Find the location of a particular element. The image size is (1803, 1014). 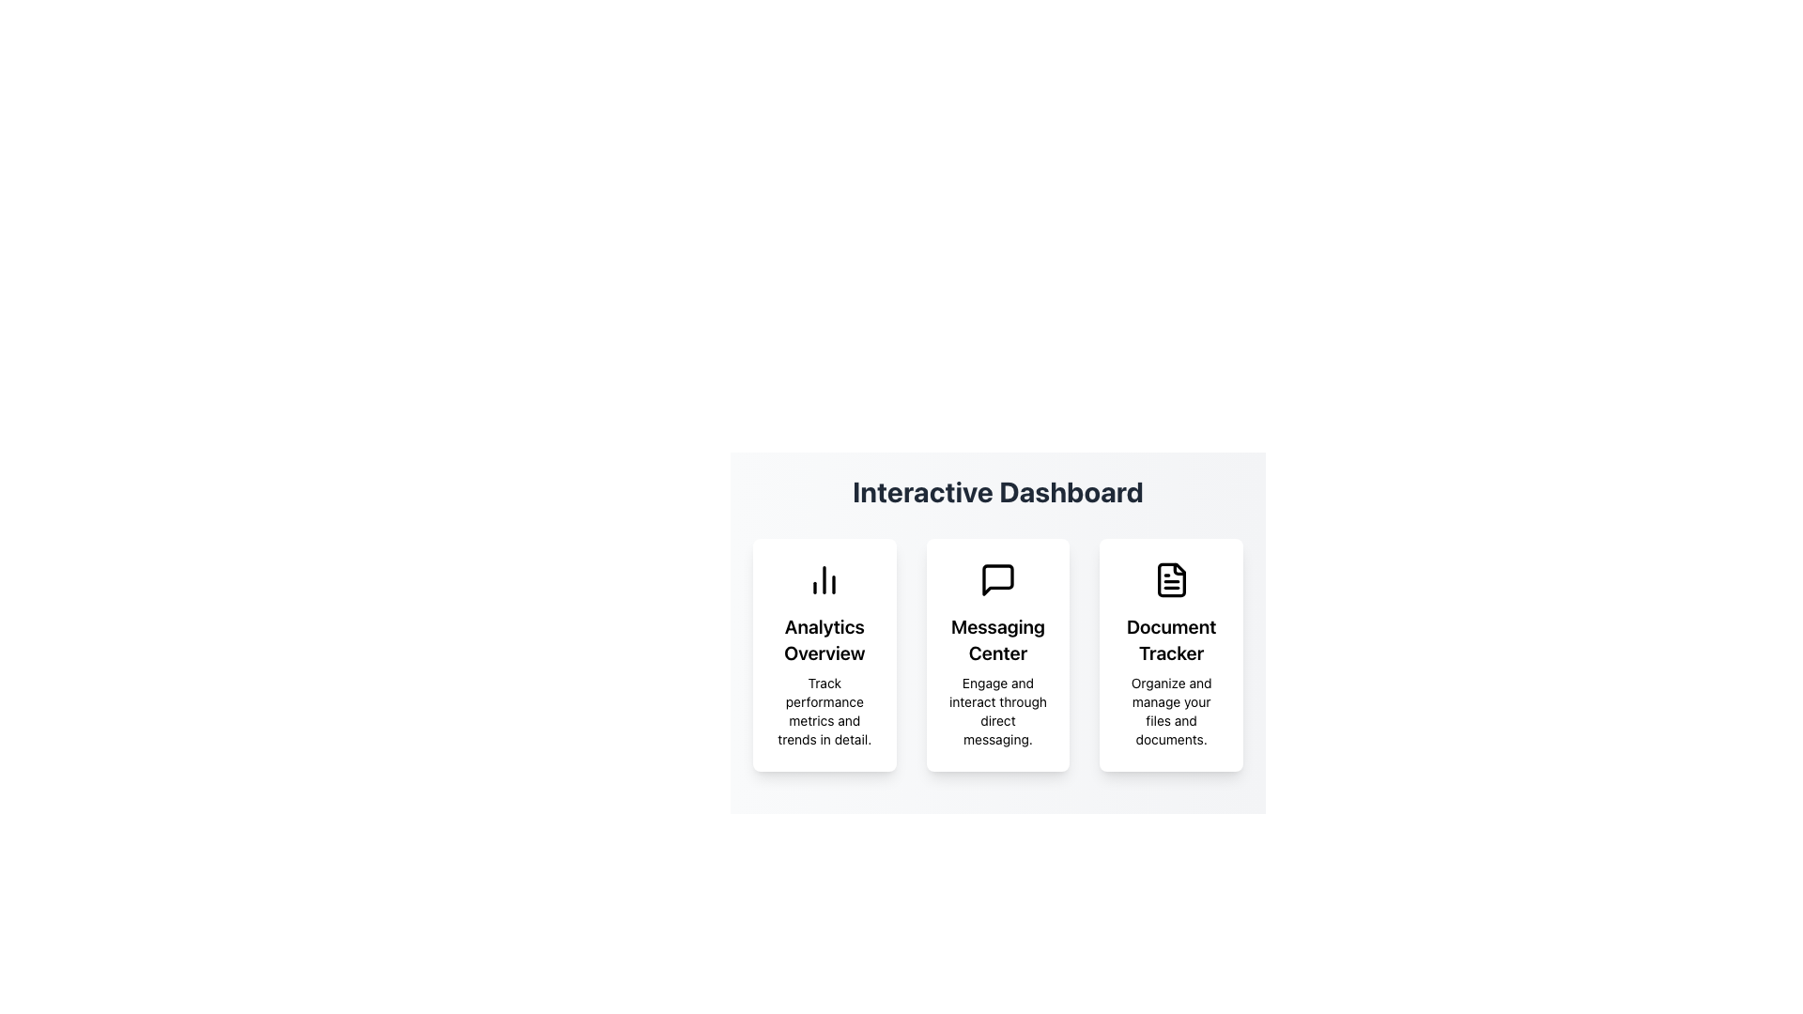

the speech bubble icon located at the top of the 'Messaging Center' card, which is black and has a rectangular shape with a tail pointing towards the lower-left corner is located at coordinates (996, 578).